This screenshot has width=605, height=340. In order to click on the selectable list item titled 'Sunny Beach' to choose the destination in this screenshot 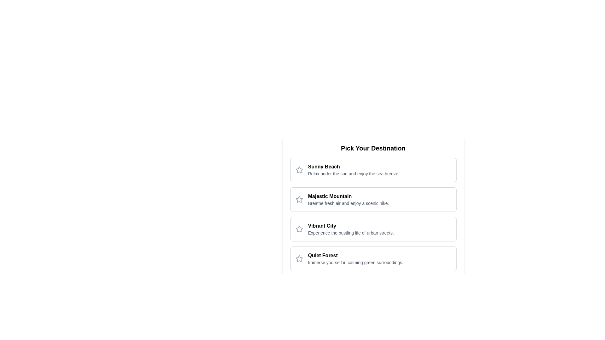, I will do `click(373, 170)`.